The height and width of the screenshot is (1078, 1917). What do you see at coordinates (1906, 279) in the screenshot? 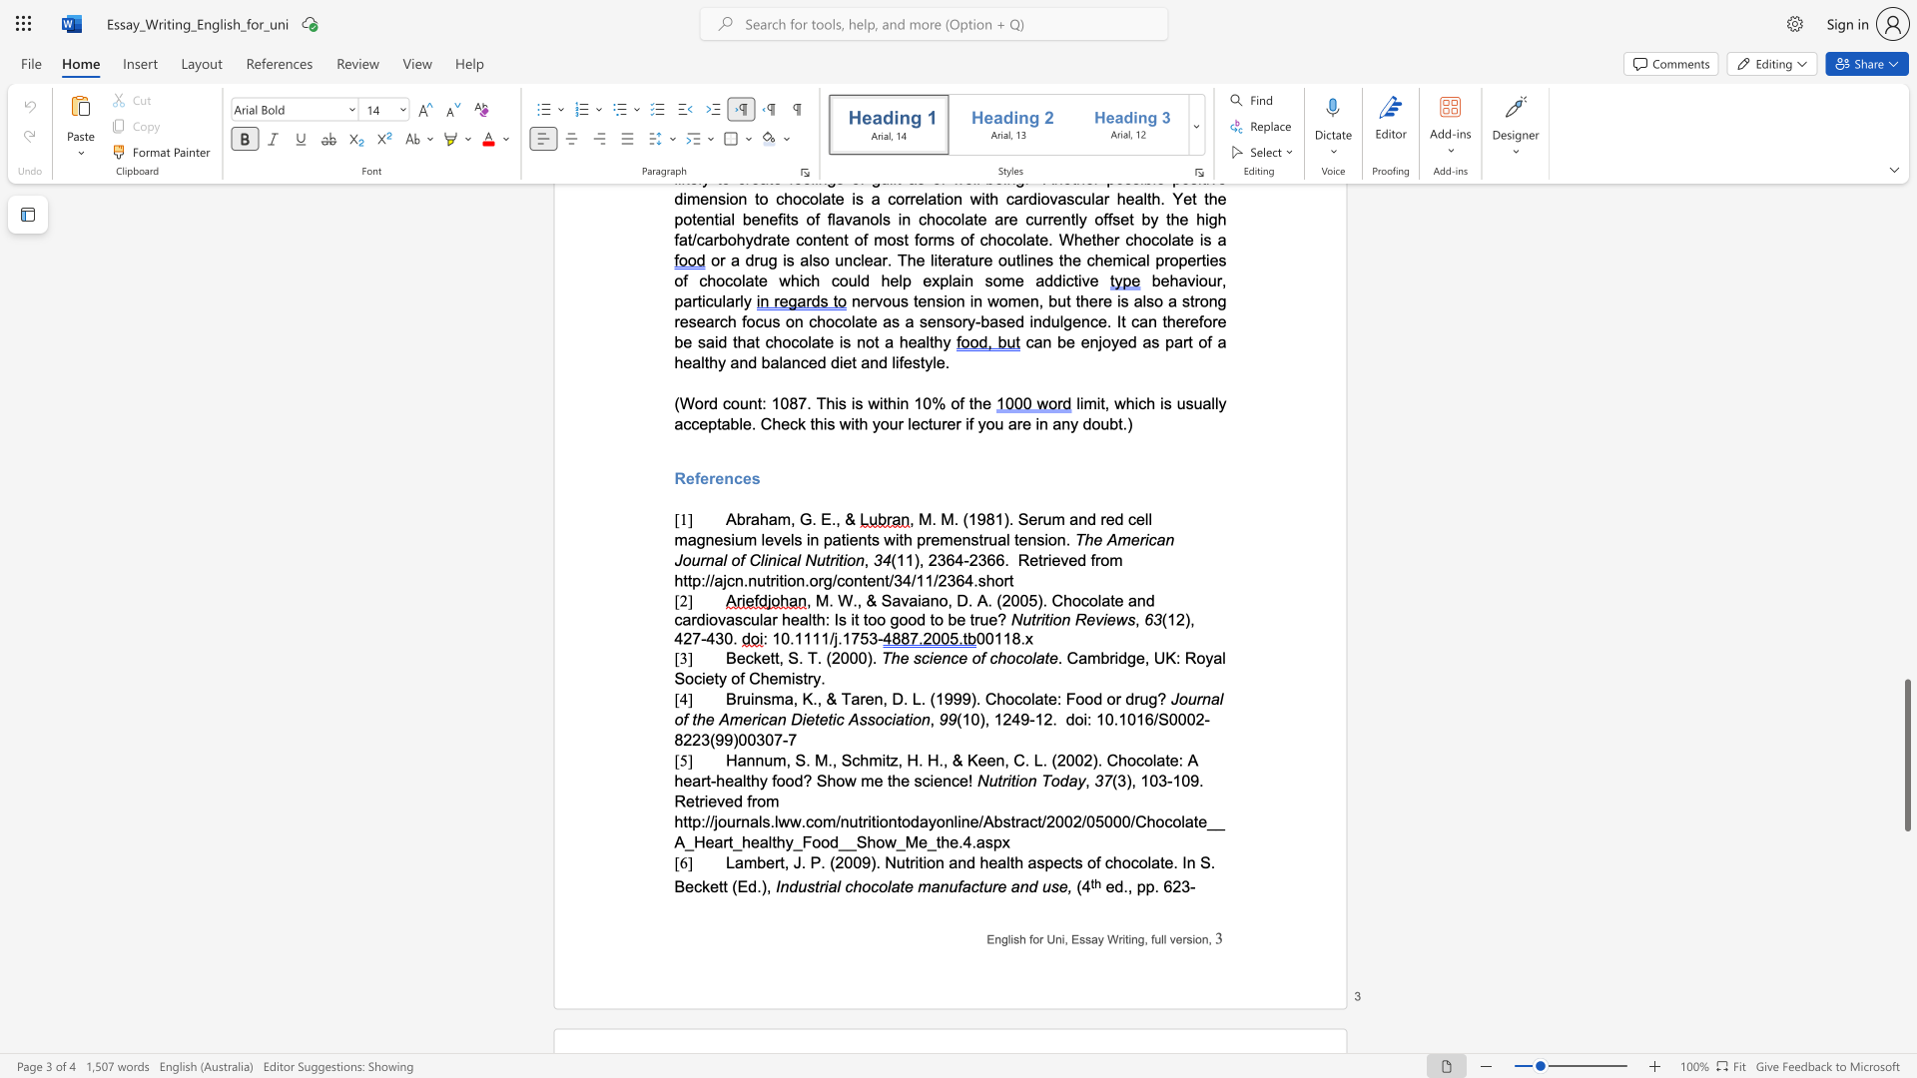
I see `the side scrollbar to bring the page up` at bounding box center [1906, 279].